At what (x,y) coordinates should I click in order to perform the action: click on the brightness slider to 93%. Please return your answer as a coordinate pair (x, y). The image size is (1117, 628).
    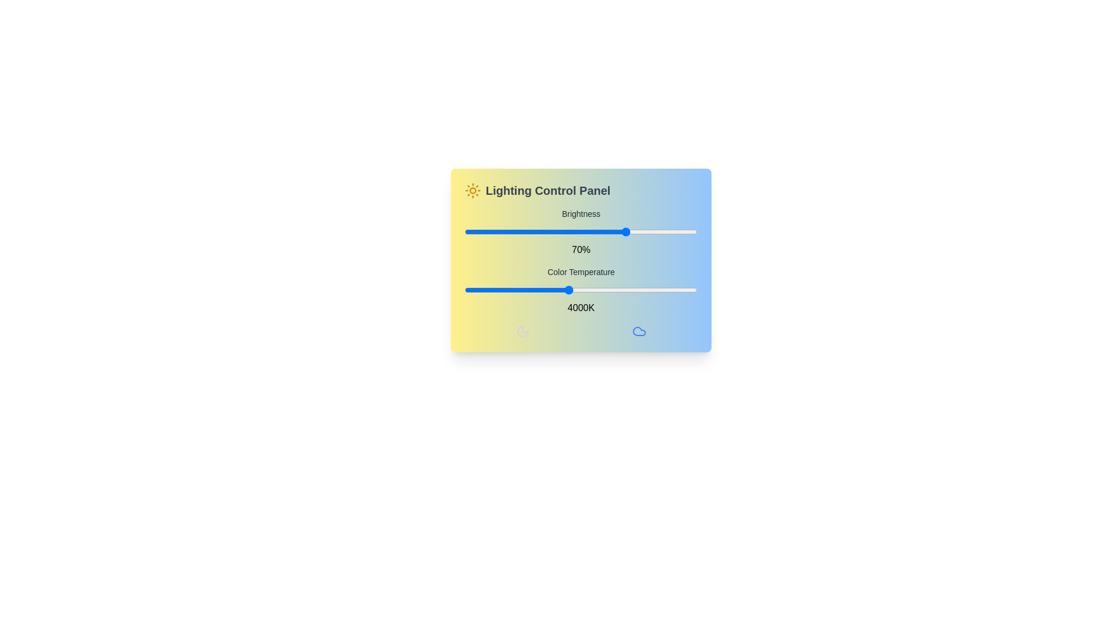
    Looking at the image, I should click on (681, 231).